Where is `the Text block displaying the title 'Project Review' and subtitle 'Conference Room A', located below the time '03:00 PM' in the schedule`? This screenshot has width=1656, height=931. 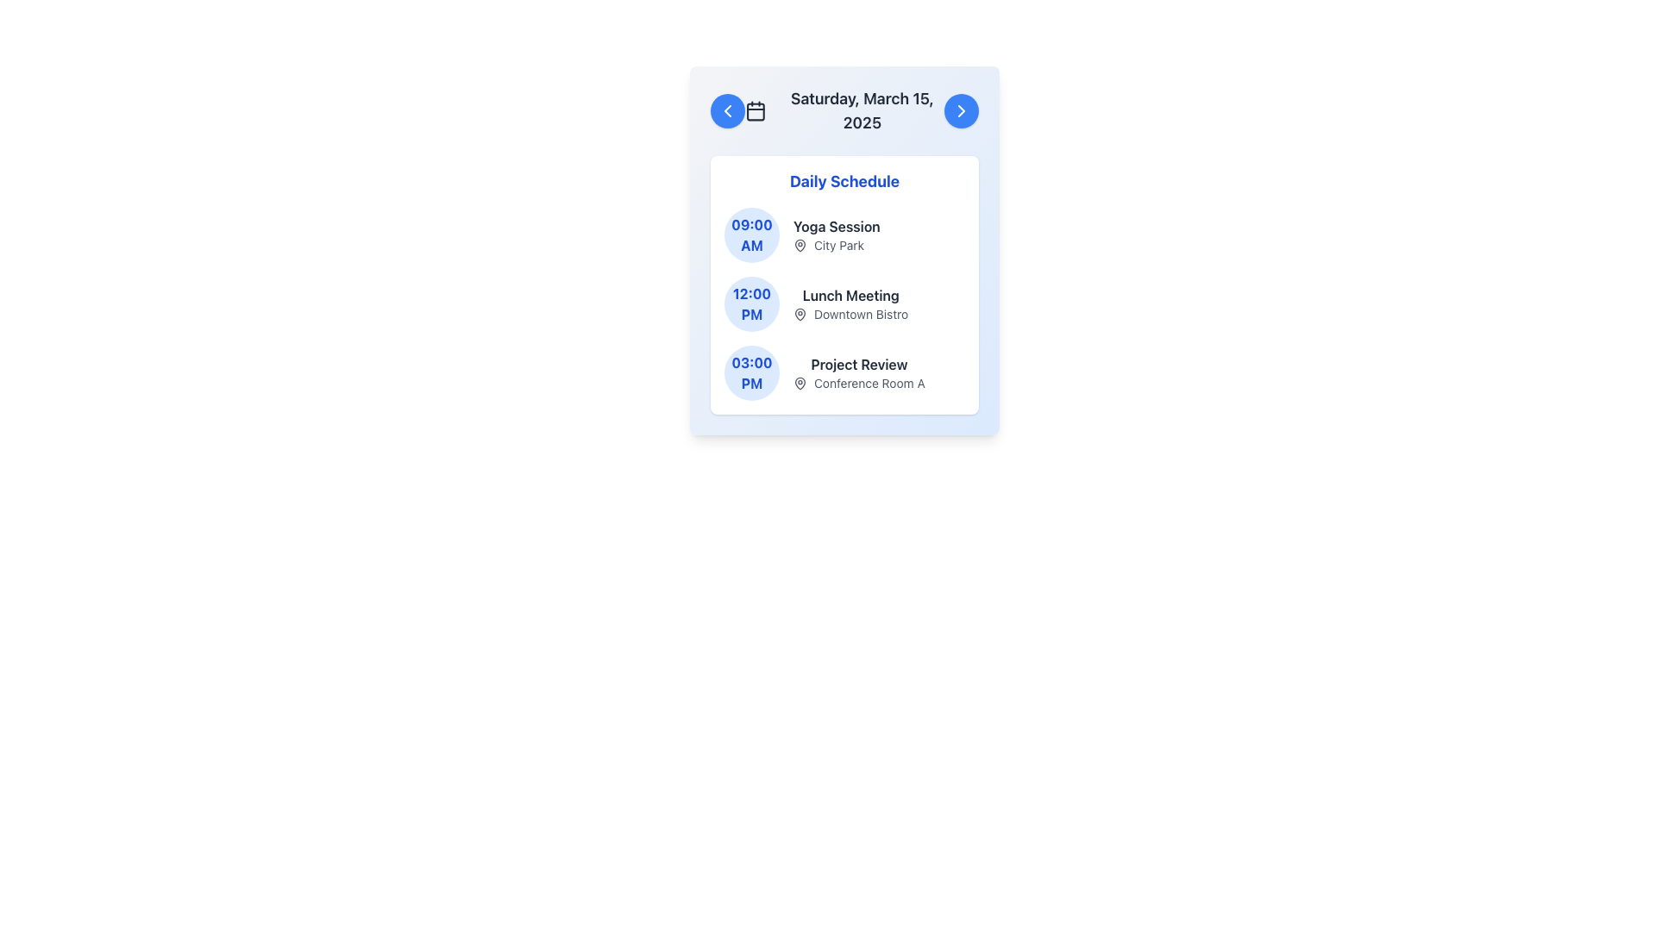
the Text block displaying the title 'Project Review' and subtitle 'Conference Room A', located below the time '03:00 PM' in the schedule is located at coordinates (859, 372).